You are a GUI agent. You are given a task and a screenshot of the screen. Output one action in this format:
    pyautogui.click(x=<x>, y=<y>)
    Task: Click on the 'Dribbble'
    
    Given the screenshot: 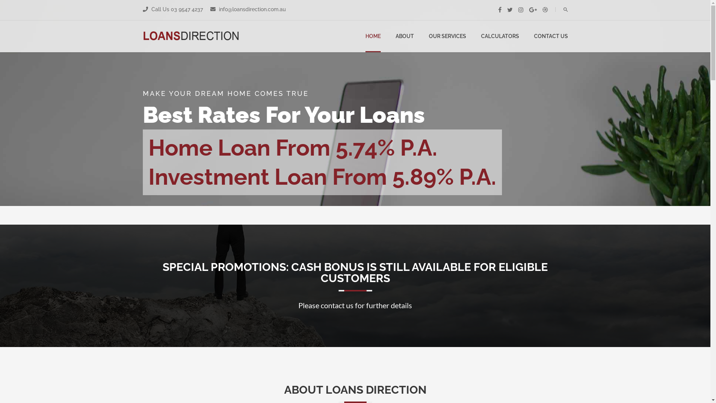 What is the action you would take?
    pyautogui.click(x=542, y=10)
    